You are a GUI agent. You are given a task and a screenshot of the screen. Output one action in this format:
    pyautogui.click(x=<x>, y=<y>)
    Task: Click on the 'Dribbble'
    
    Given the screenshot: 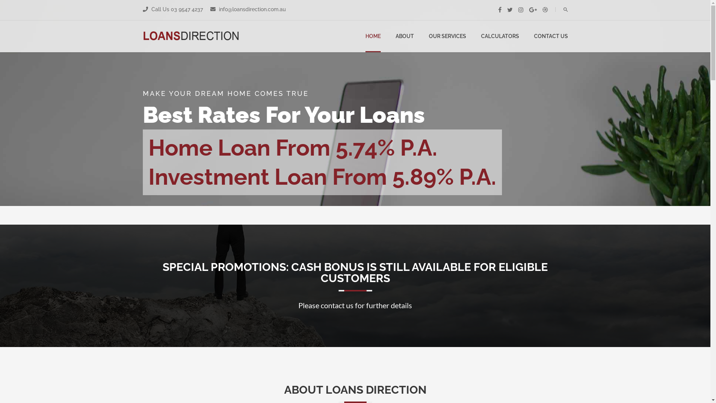 What is the action you would take?
    pyautogui.click(x=542, y=10)
    